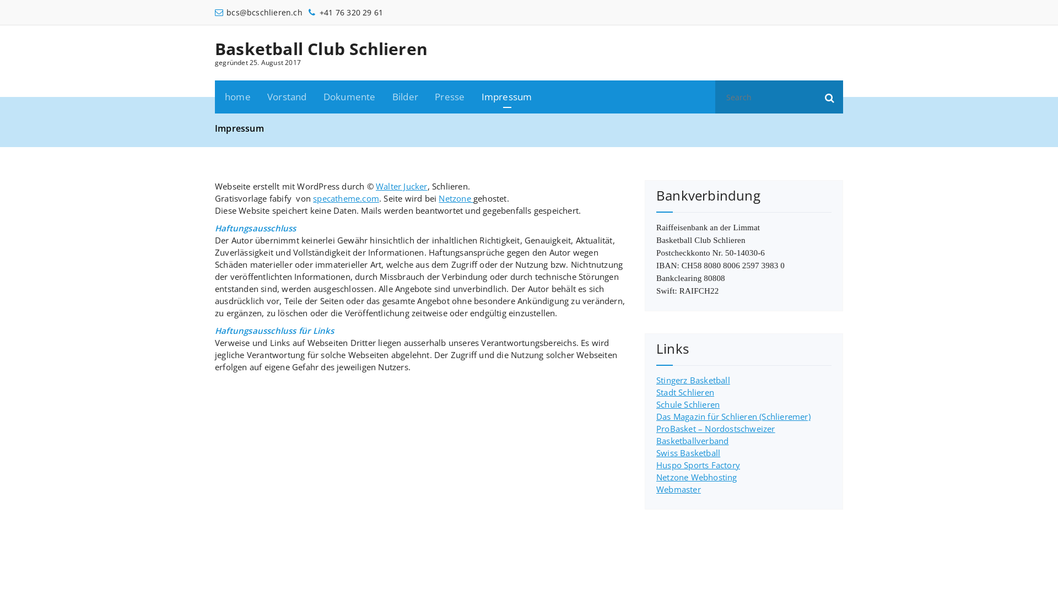 The width and height of the screenshot is (1058, 595). I want to click on 'Webmaster', so click(678, 488).